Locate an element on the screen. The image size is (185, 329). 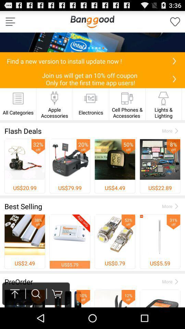
search for updates is located at coordinates (174, 60).